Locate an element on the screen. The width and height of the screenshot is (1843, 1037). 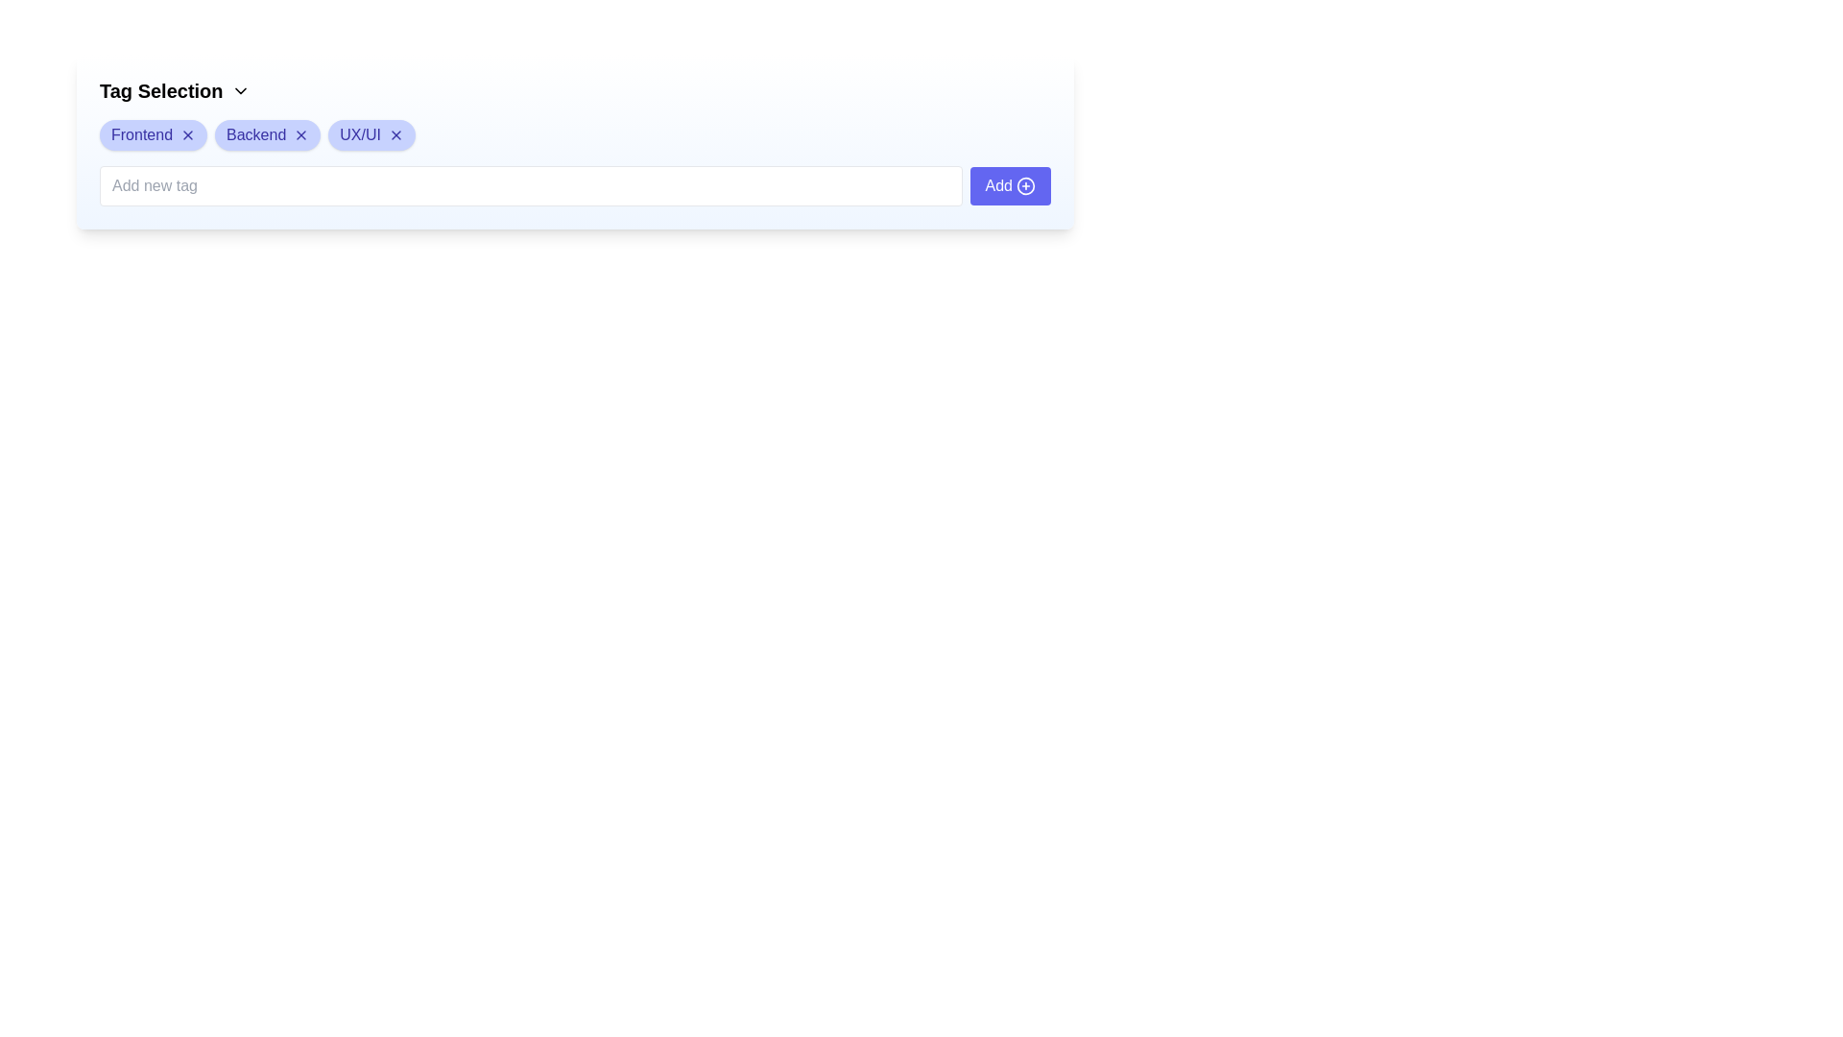
the text label element that represents the tag labeled 'UX/UI', which is centrally positioned within a tag-like component is located at coordinates (360, 134).